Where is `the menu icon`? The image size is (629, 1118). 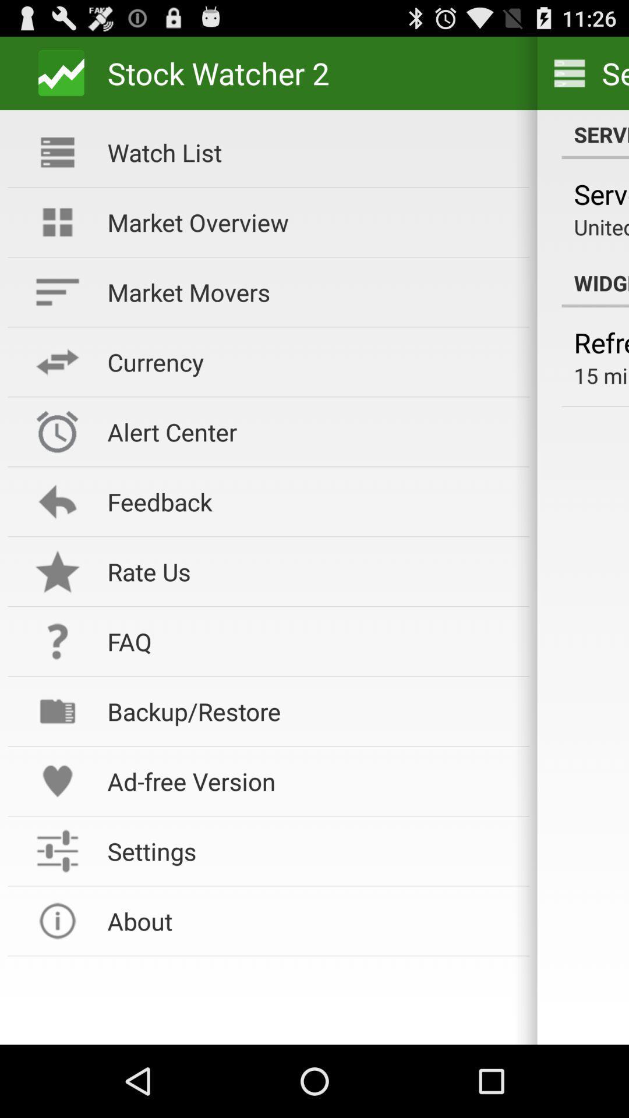 the menu icon is located at coordinates (569, 77).